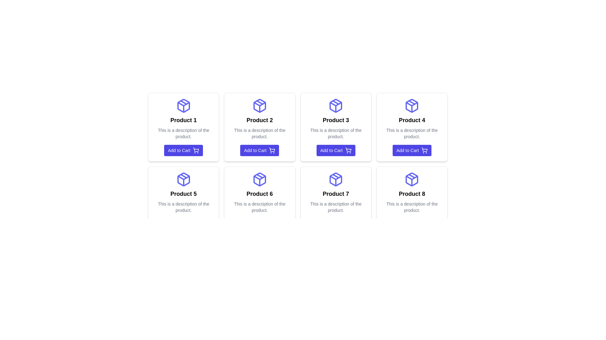 The height and width of the screenshot is (340, 606). Describe the element at coordinates (183, 133) in the screenshot. I see `the descriptive text label for 'Product 1' located within the top-left card of the grid layout, positioned below the title and above the 'Add to Cart' button` at that location.